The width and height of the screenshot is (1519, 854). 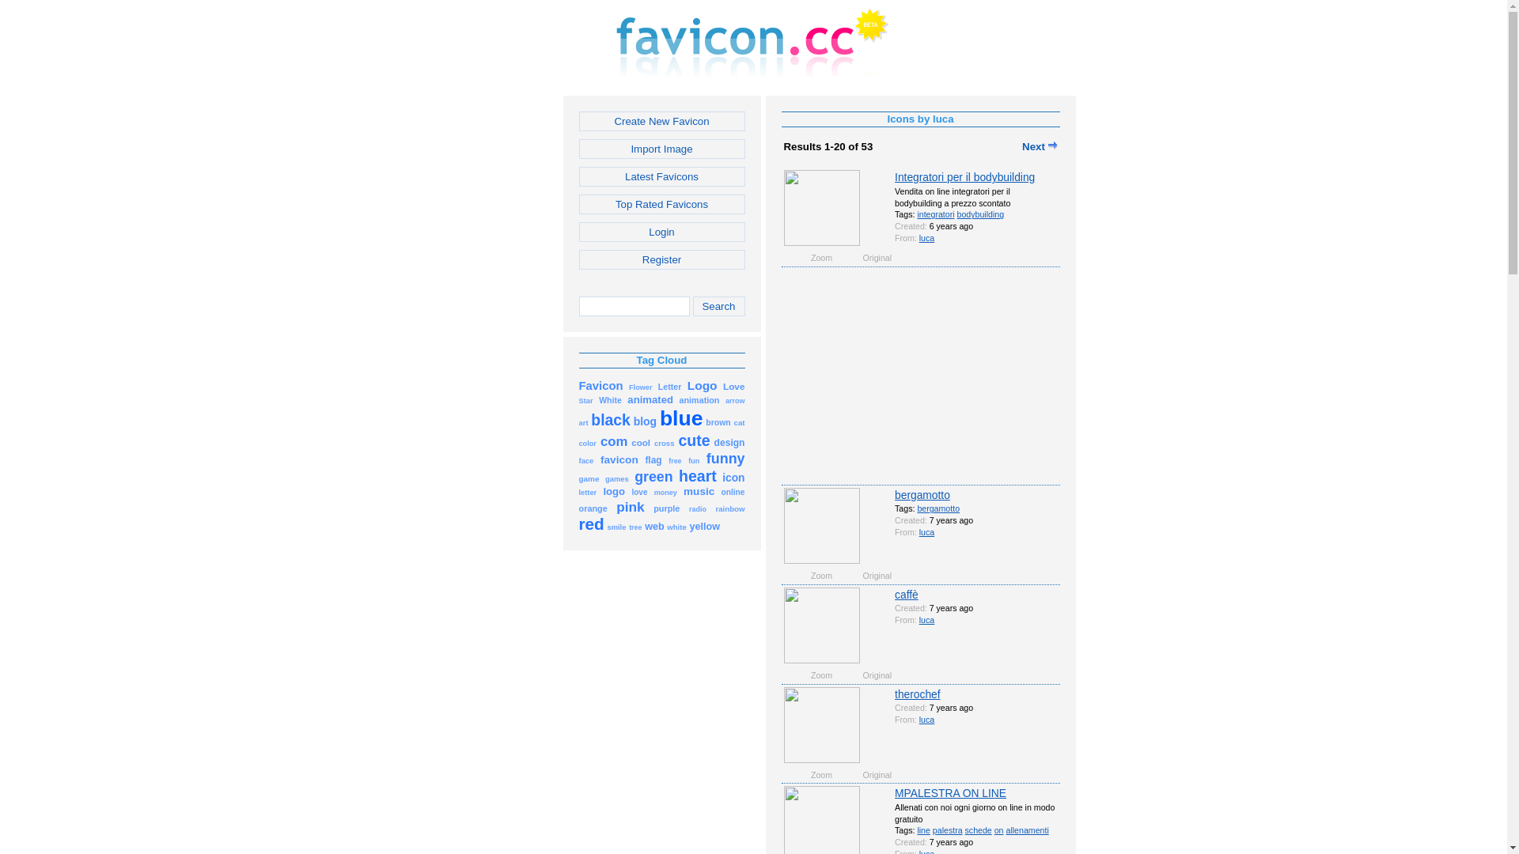 I want to click on 'allenamenti', so click(x=1026, y=829).